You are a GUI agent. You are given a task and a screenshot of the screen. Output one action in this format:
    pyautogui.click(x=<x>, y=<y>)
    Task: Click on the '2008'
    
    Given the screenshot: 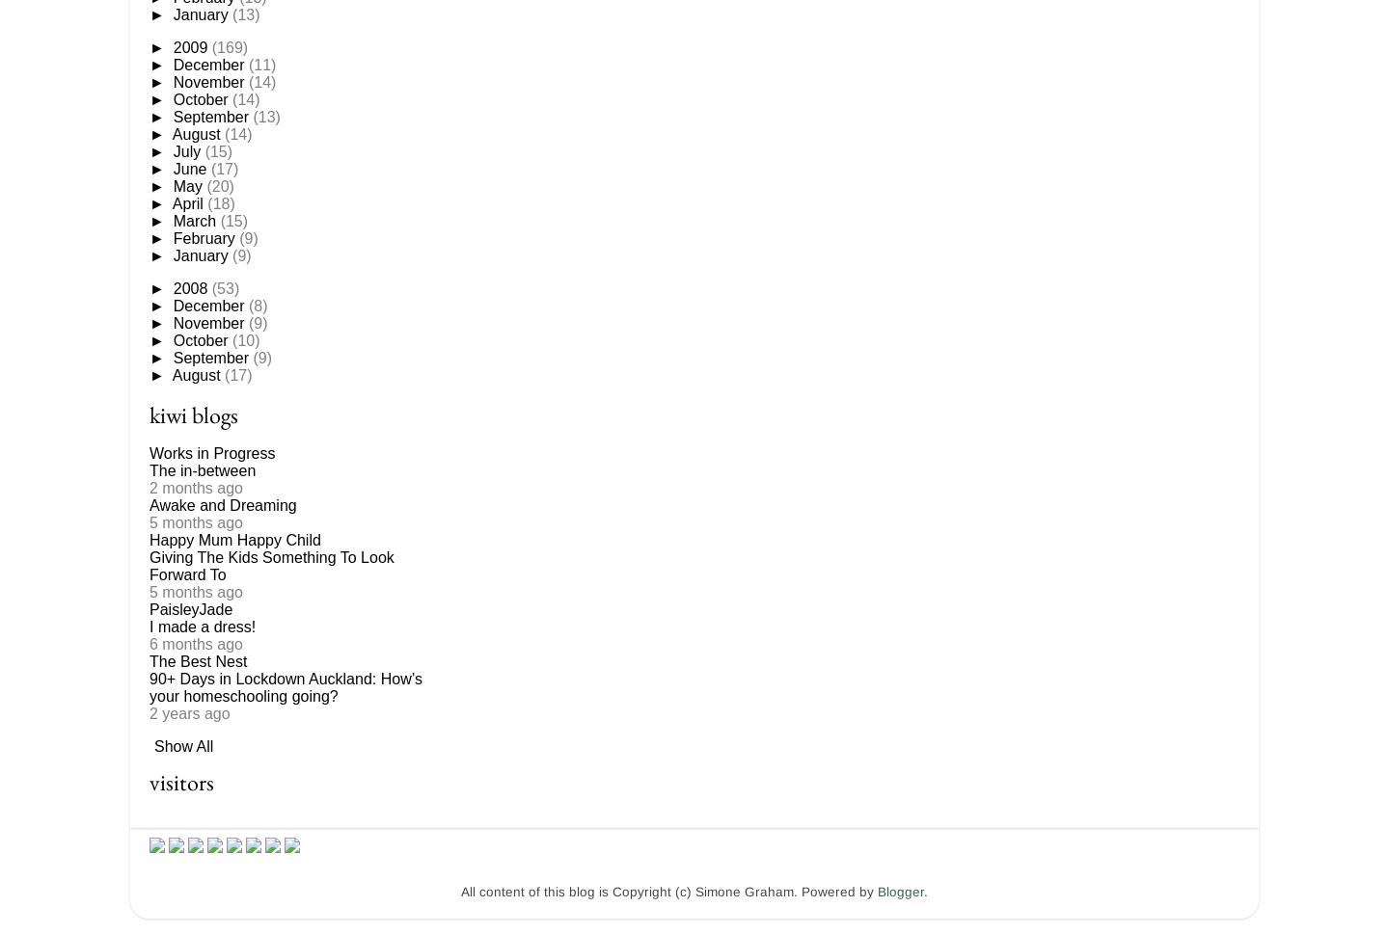 What is the action you would take?
    pyautogui.click(x=192, y=288)
    